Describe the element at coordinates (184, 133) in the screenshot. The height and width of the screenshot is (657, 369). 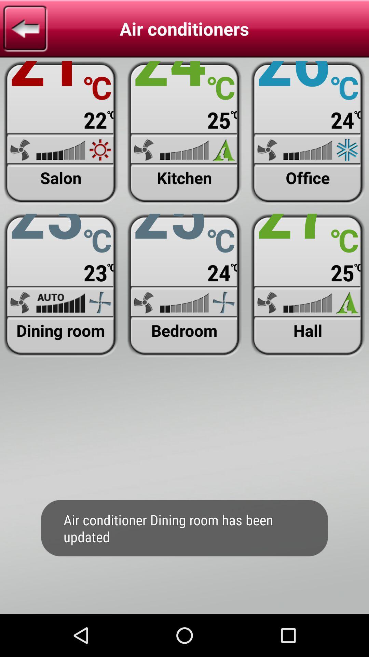
I see `view/update kitchen air condition settings` at that location.